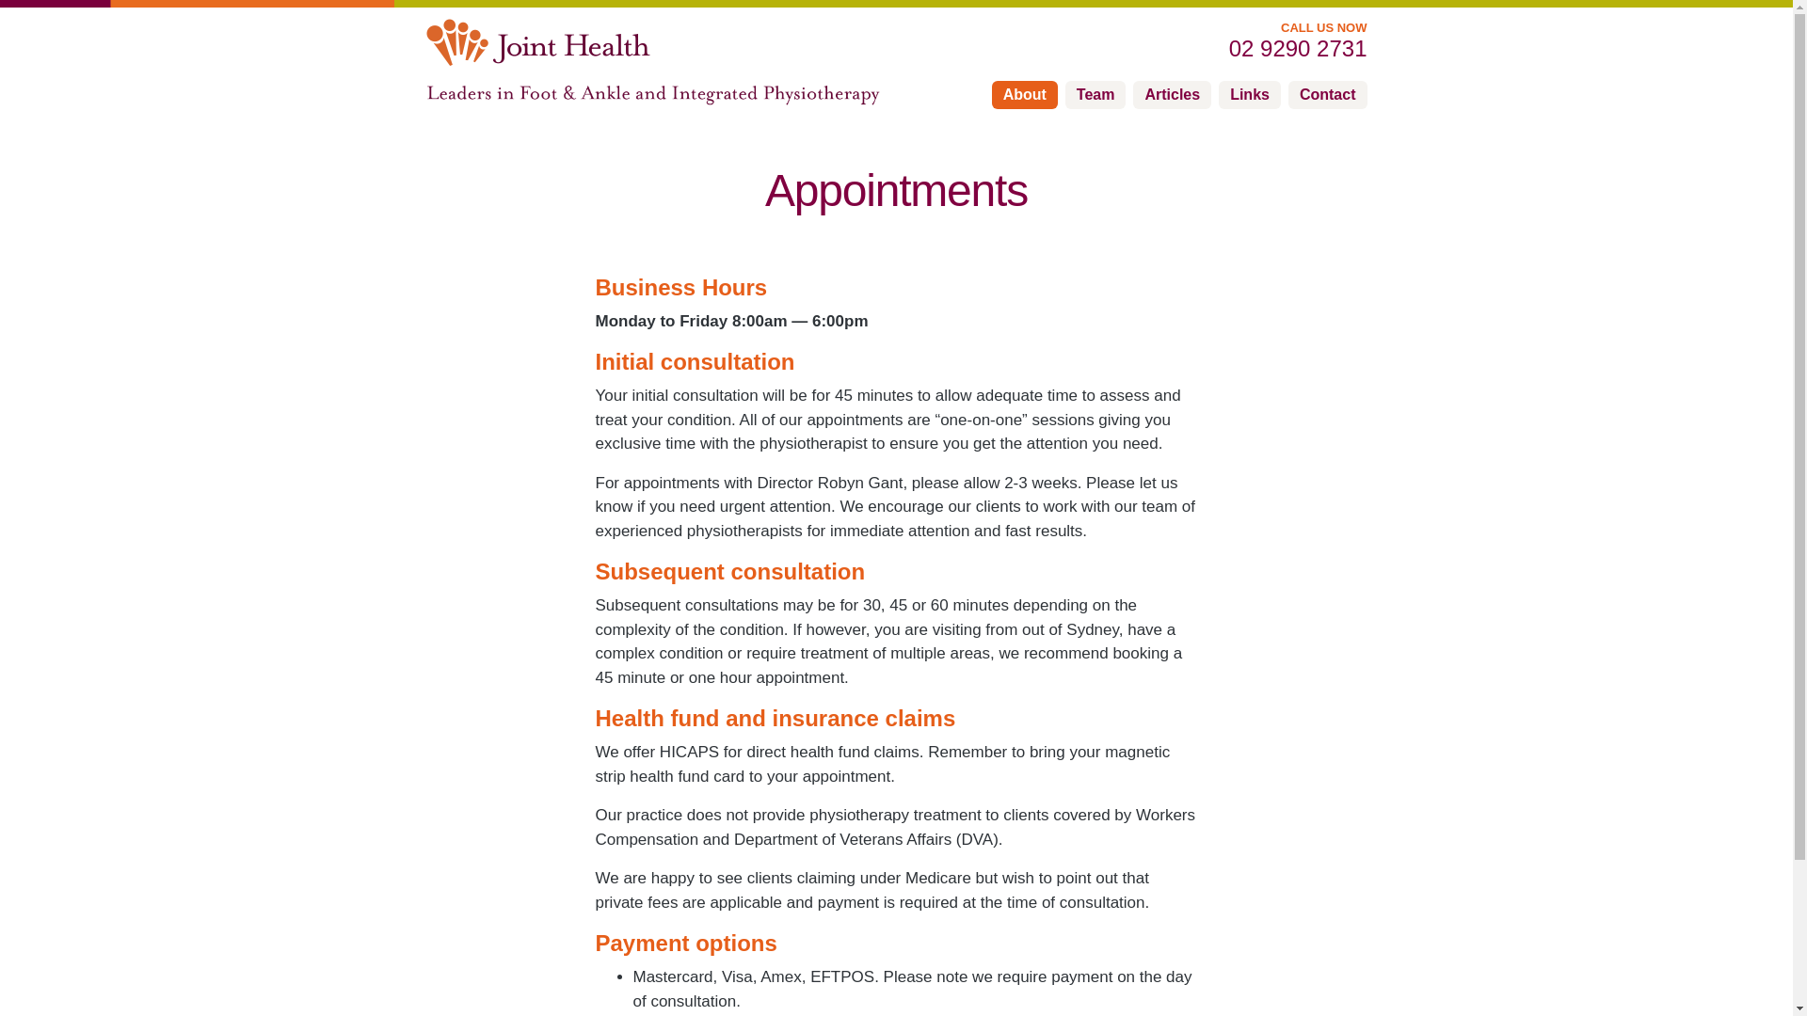 Image resolution: width=1807 pixels, height=1016 pixels. What do you see at coordinates (1095, 94) in the screenshot?
I see `'Team'` at bounding box center [1095, 94].